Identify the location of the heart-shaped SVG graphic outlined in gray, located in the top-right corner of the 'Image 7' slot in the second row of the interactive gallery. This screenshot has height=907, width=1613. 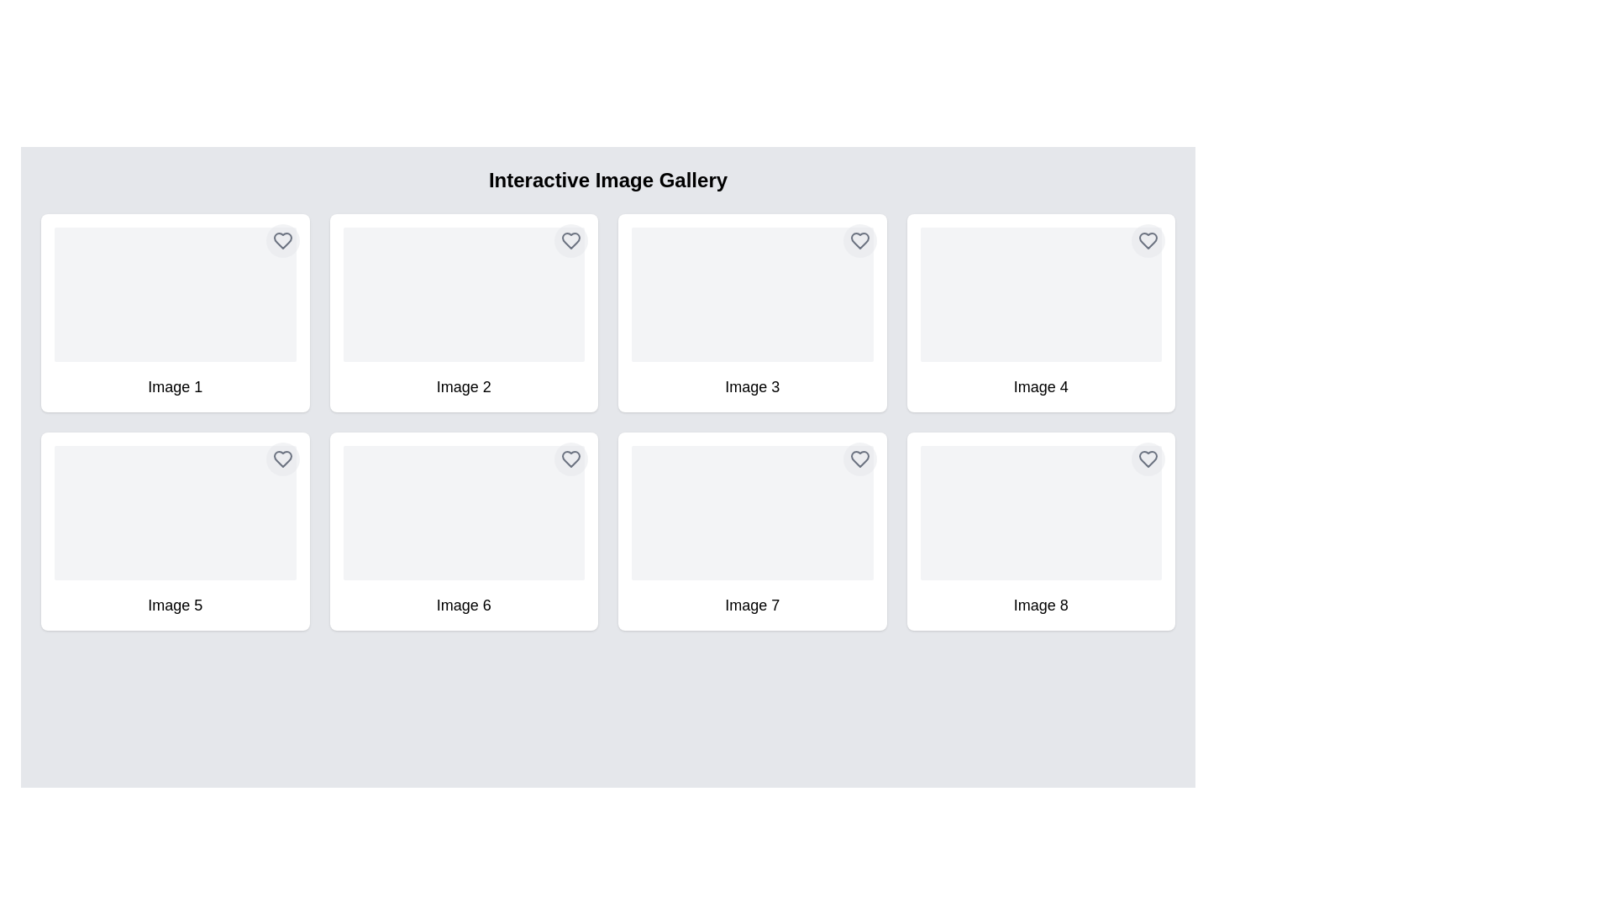
(859, 459).